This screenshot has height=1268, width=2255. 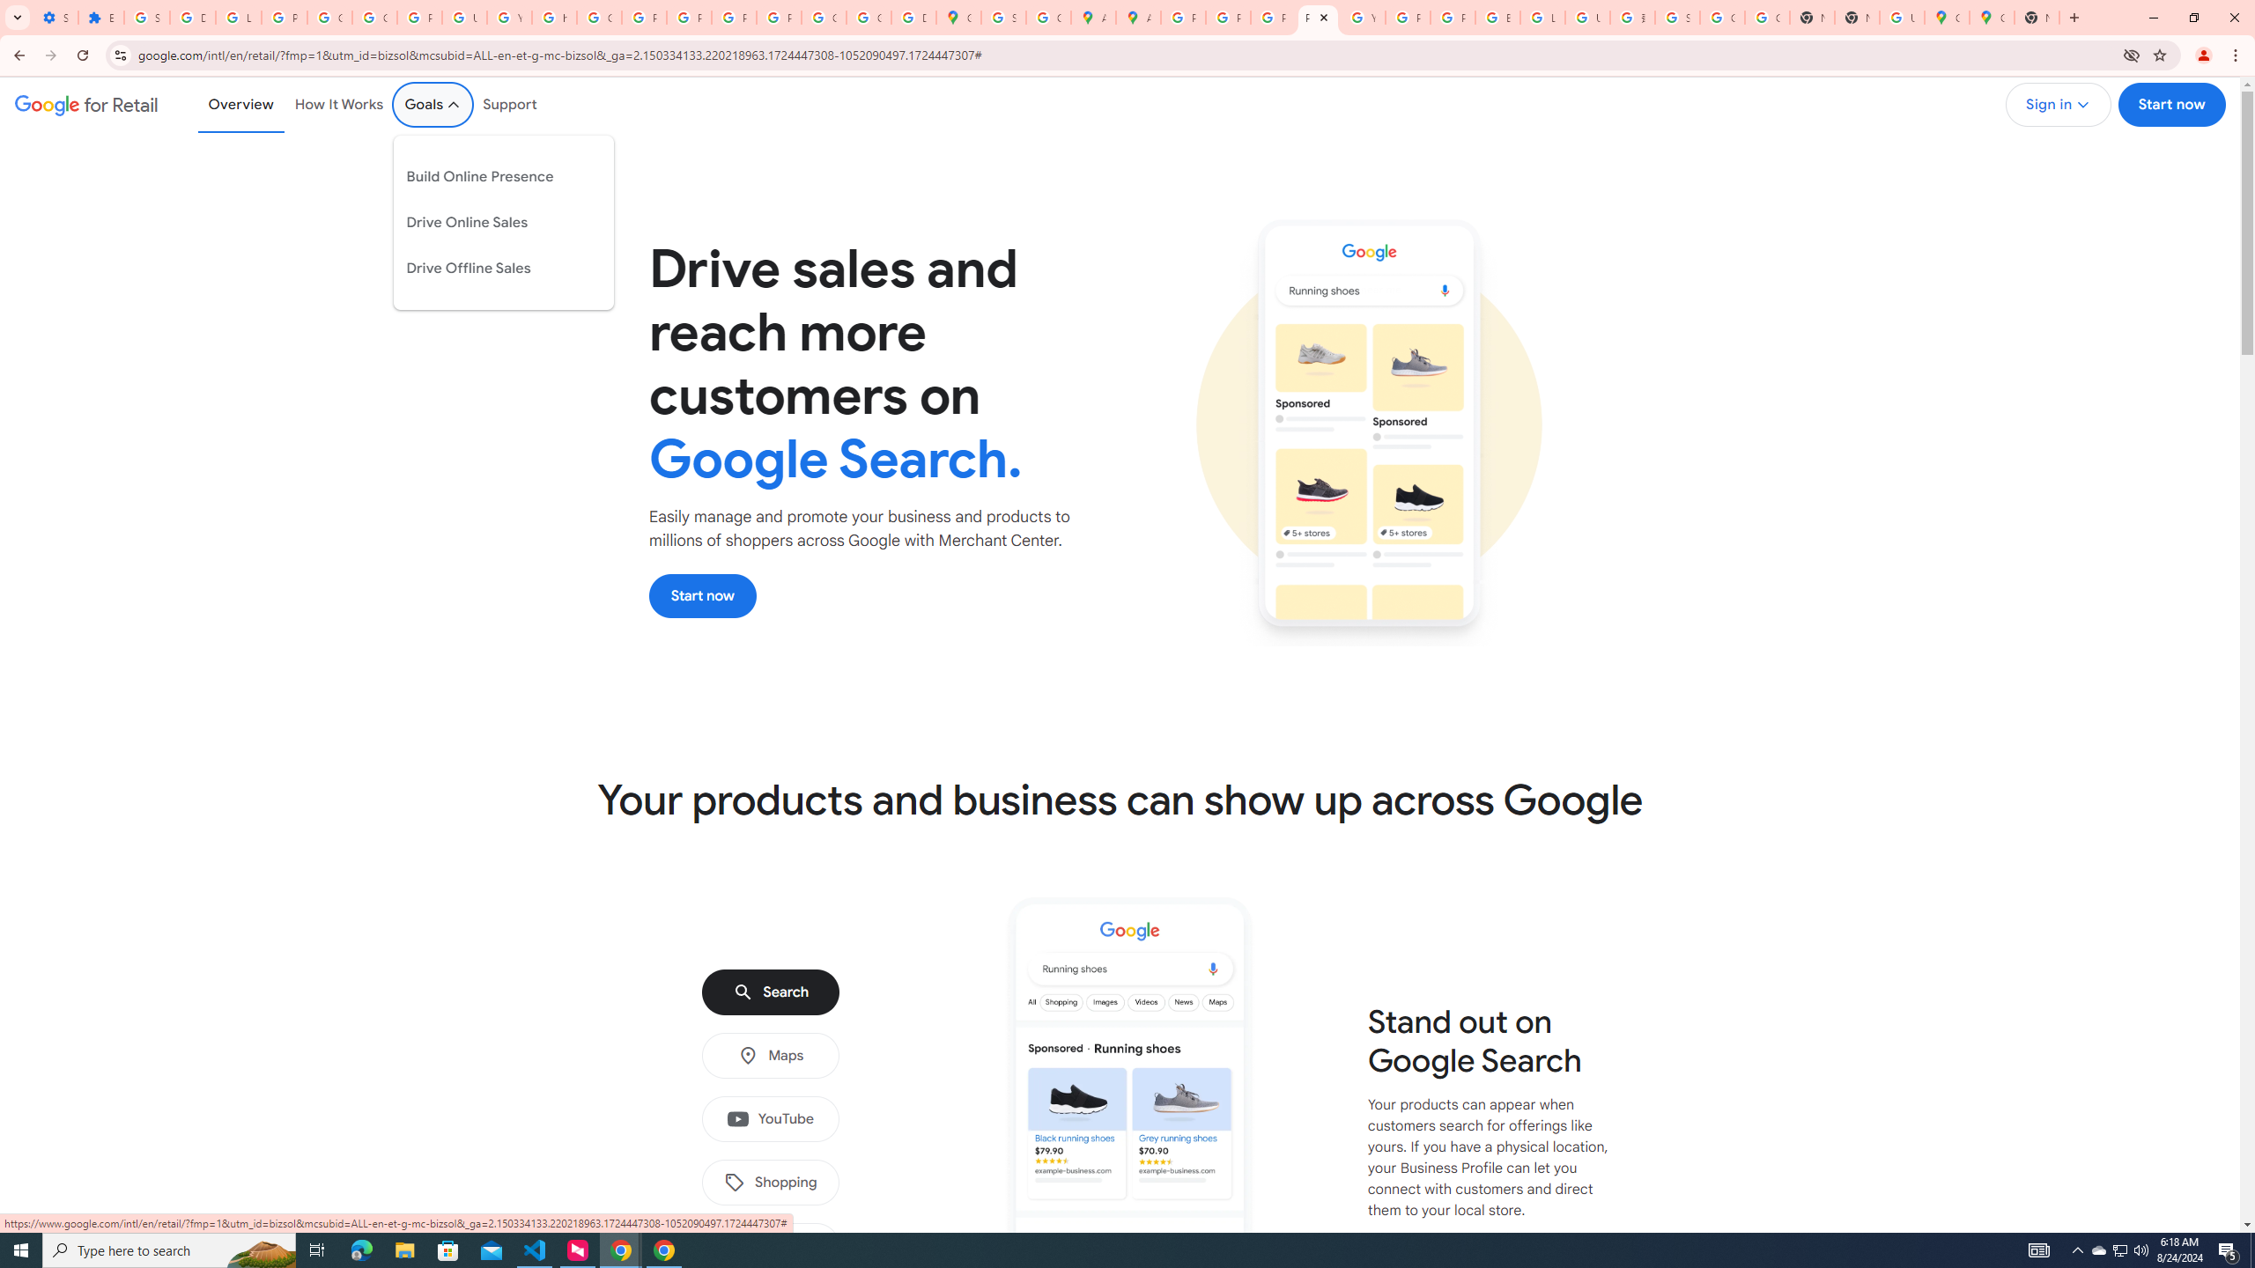 I want to click on 'Maps', so click(x=769, y=1055).